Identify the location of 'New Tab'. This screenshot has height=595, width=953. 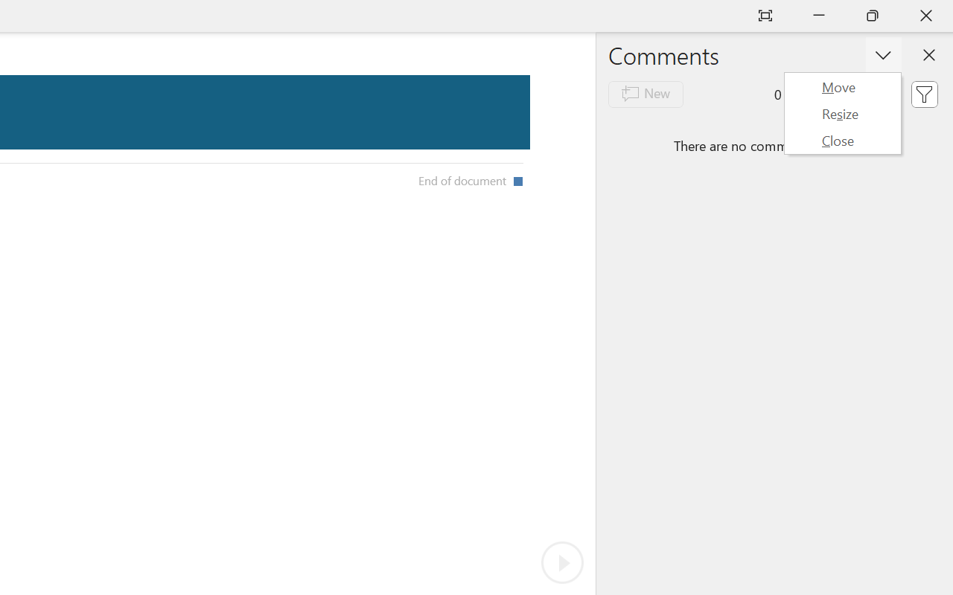
(756, 16).